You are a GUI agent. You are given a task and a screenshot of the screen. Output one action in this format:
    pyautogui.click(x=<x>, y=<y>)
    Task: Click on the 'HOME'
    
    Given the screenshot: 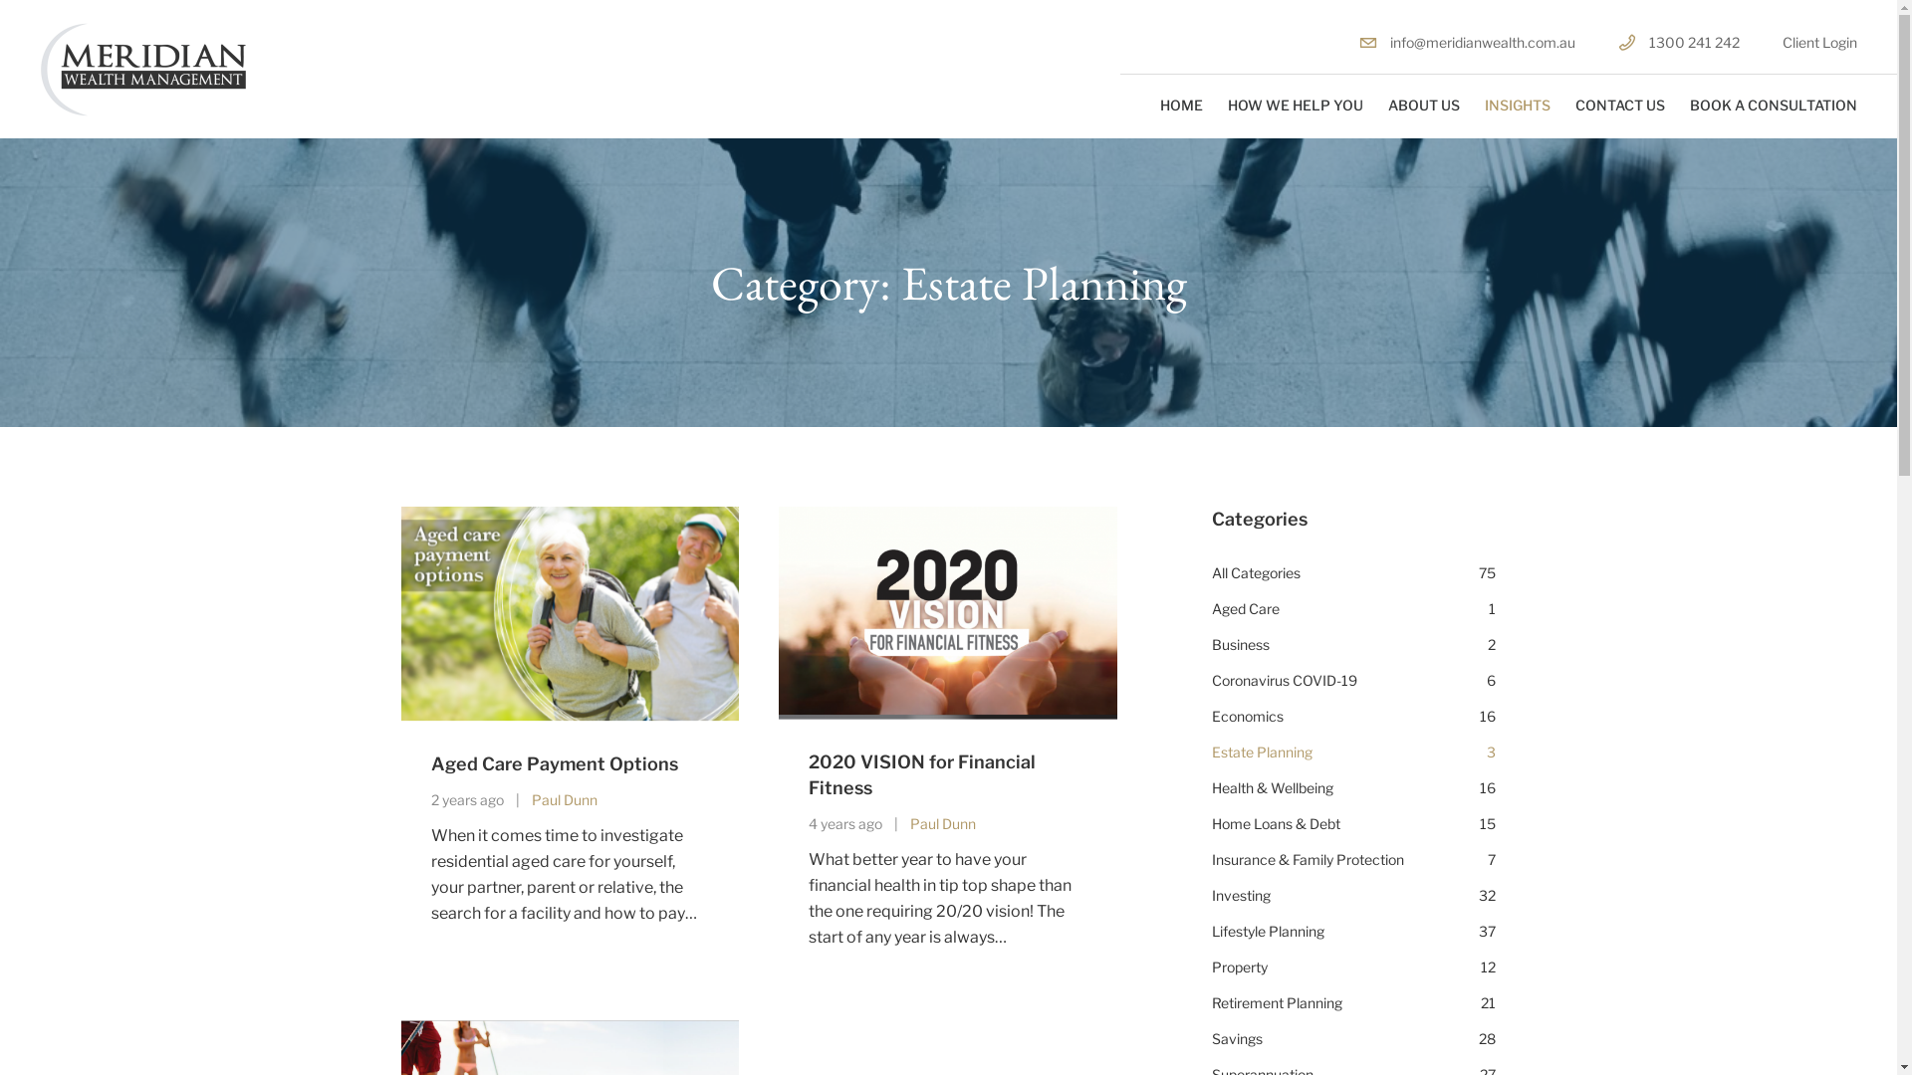 What is the action you would take?
    pyautogui.click(x=1181, y=105)
    